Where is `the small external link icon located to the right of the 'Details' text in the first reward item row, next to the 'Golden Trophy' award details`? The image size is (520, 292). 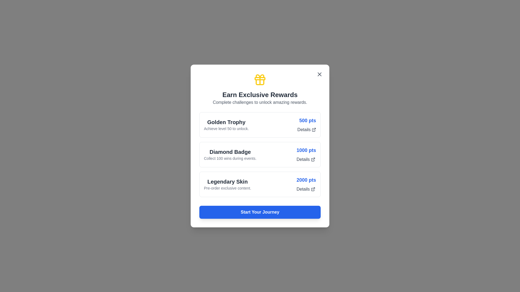 the small external link icon located to the right of the 'Details' text in the first reward item row, next to the 'Golden Trophy' award details is located at coordinates (314, 130).